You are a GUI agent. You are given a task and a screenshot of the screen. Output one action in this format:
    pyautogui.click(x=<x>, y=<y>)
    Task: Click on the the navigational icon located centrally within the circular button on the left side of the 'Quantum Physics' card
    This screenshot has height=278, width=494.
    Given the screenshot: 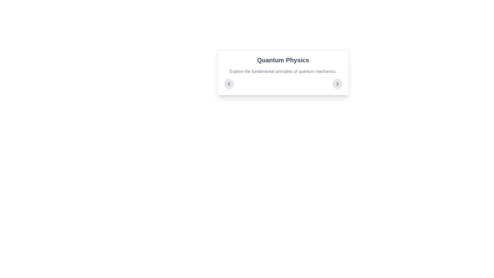 What is the action you would take?
    pyautogui.click(x=228, y=84)
    